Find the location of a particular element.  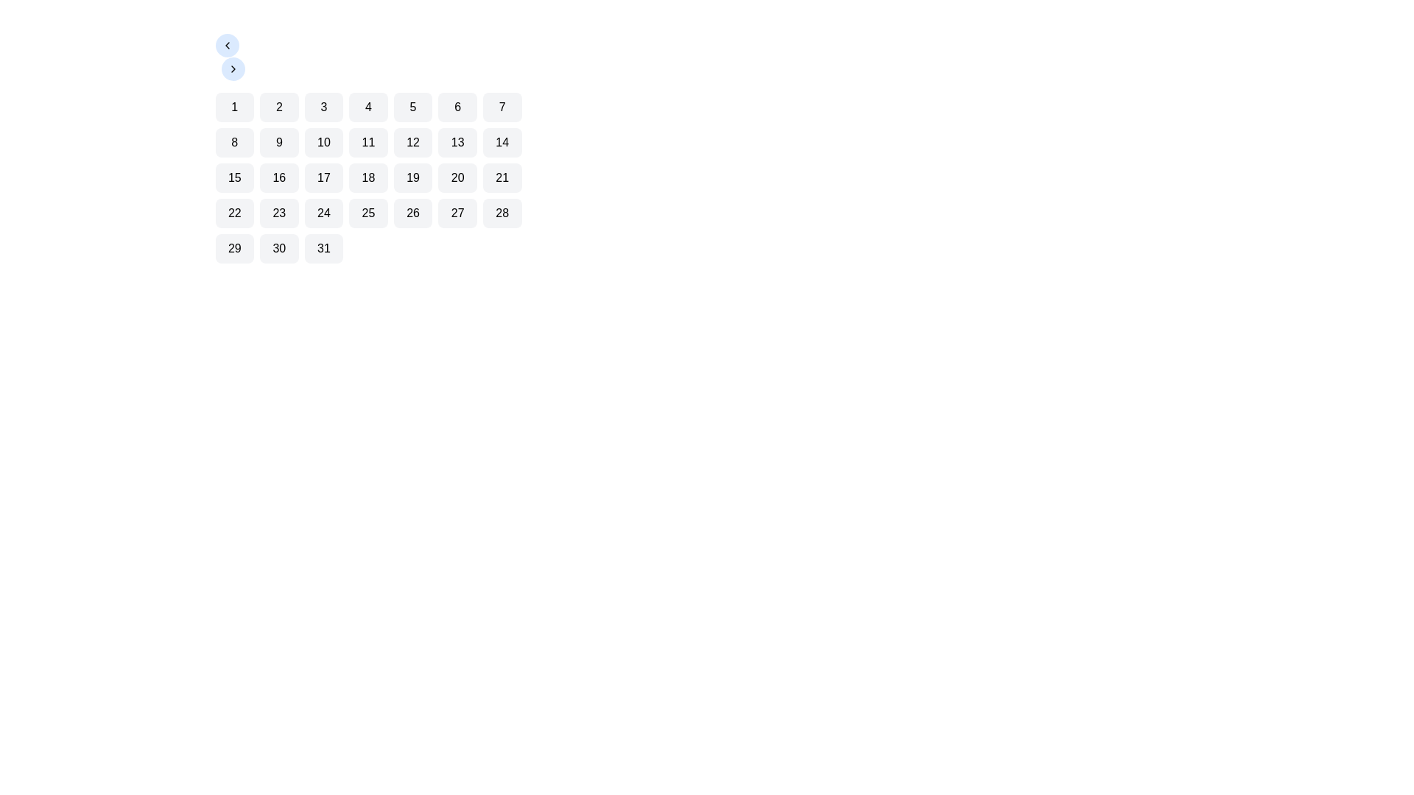

the rounded blue button with a rightward black chevron arrow, which is the second navigation button above the grid of numbered cells is located at coordinates (232, 68).